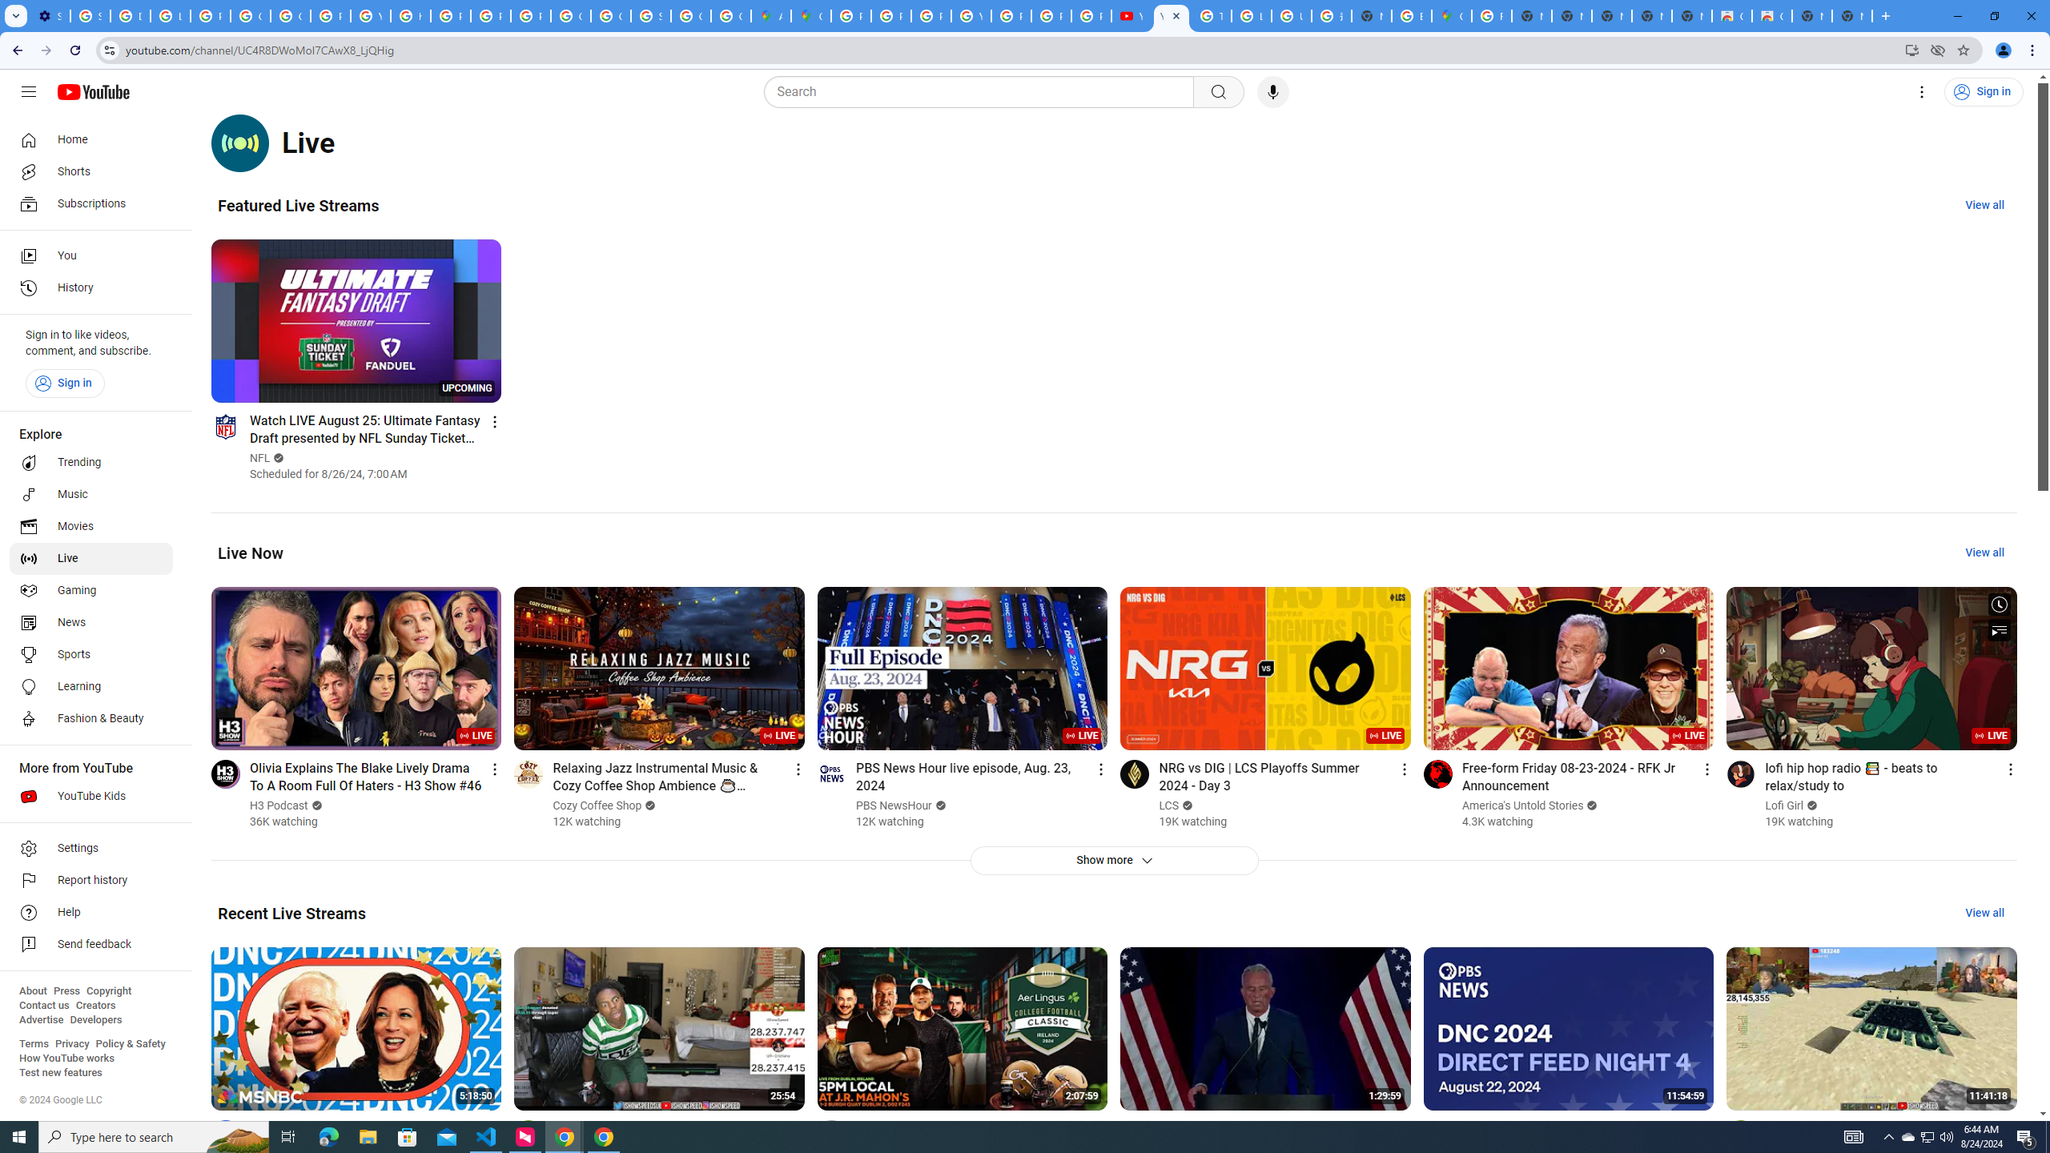  Describe the element at coordinates (107, 990) in the screenshot. I see `'Copyright'` at that location.